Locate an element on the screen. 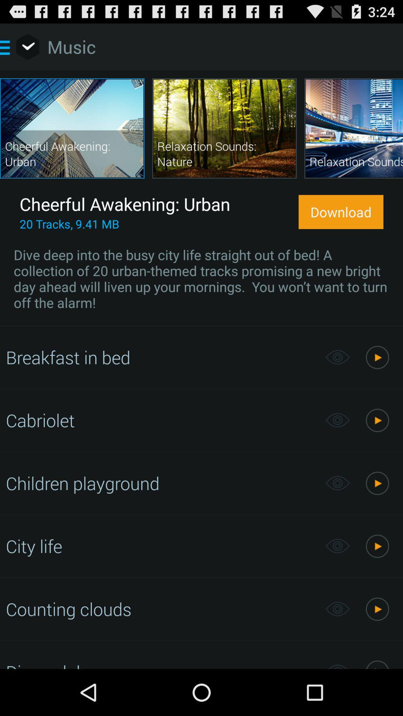  icon above the dive deep into is located at coordinates (341, 211).